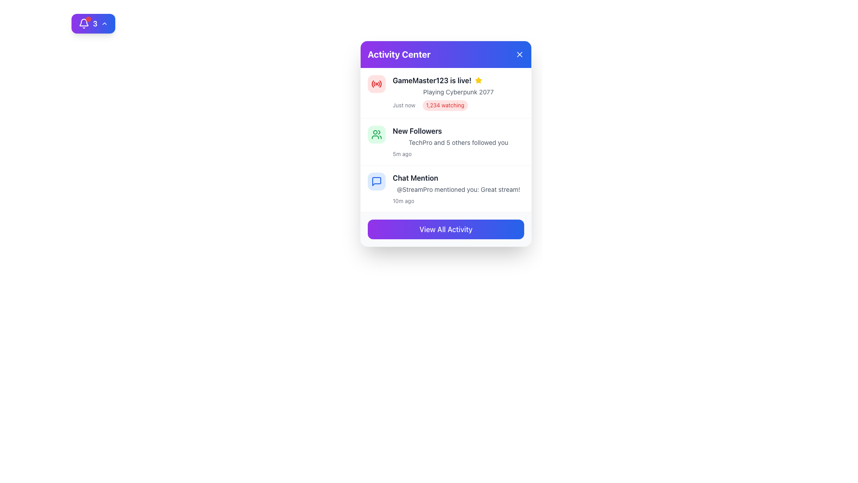 The height and width of the screenshot is (483, 858). What do you see at coordinates (446, 188) in the screenshot?
I see `the third notification block in the 'Activity Center' panel that informs the user about a chat mention from '@StreamPro'` at bounding box center [446, 188].